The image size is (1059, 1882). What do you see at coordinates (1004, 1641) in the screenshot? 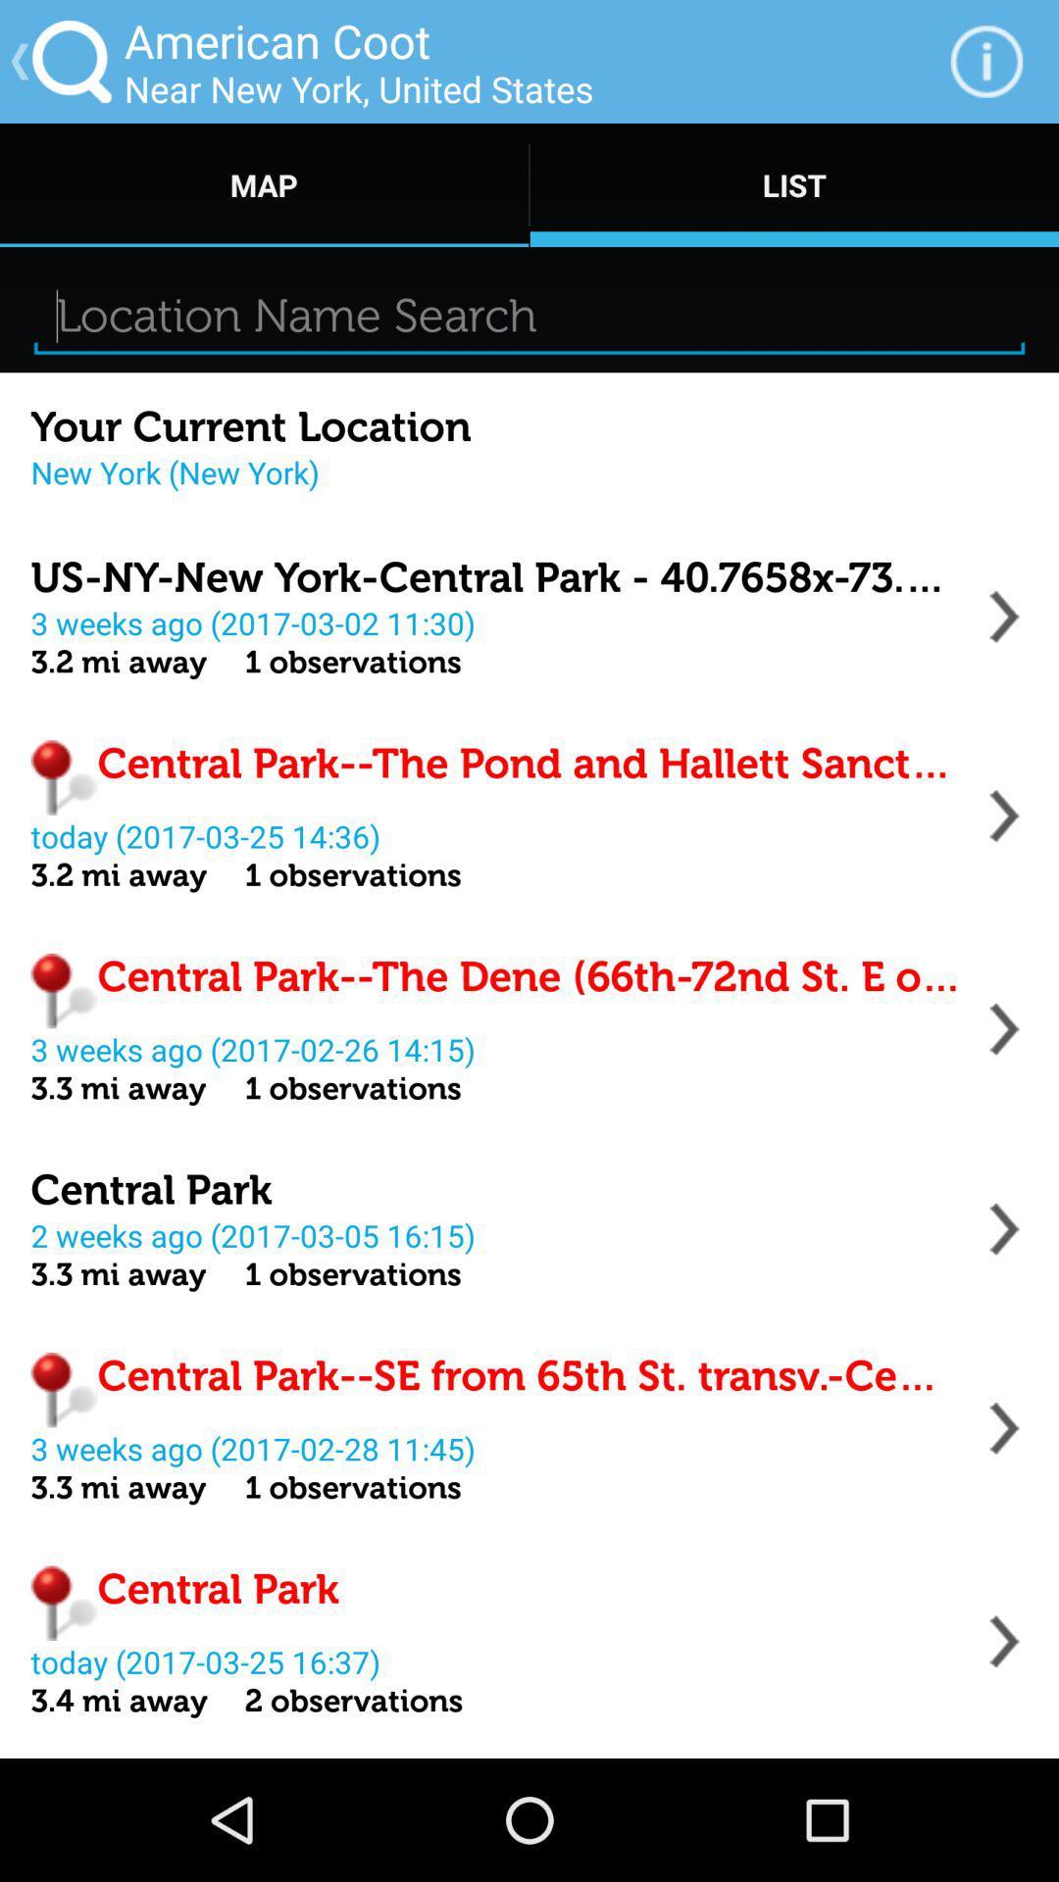
I see `options from menu` at bounding box center [1004, 1641].